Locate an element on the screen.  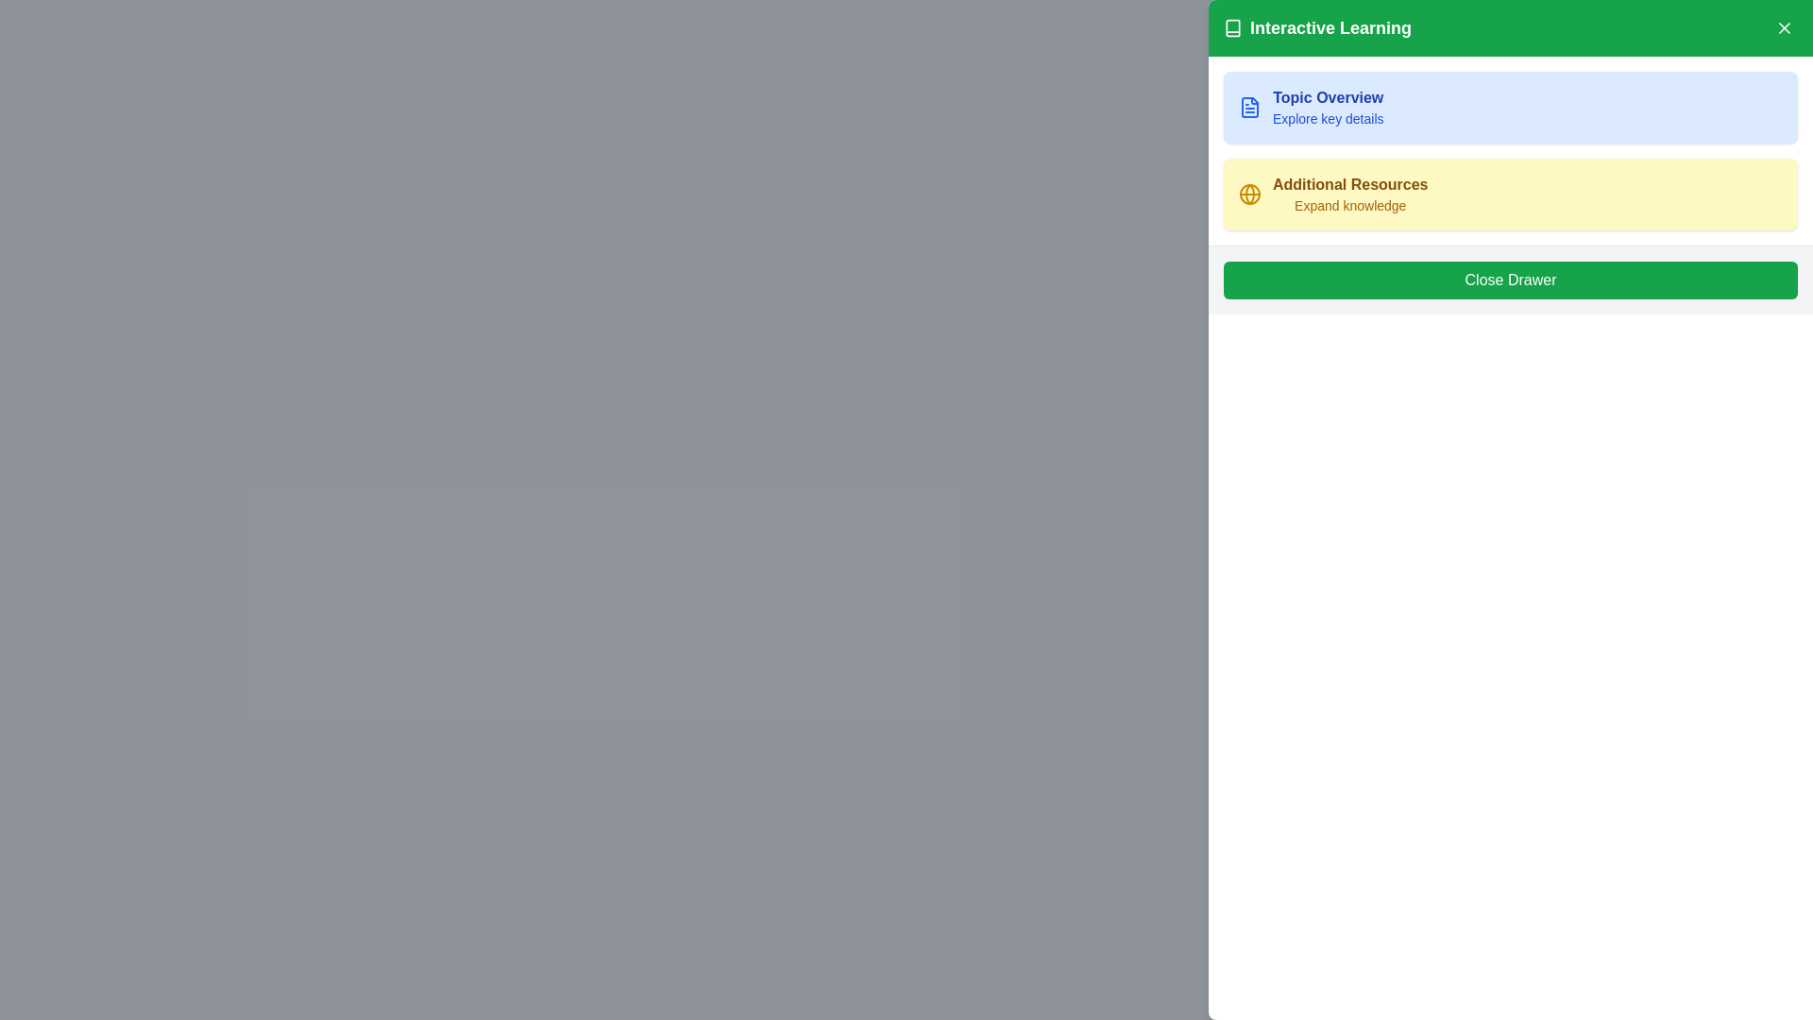
the book icon located in the top-left corner of the green header section, immediately to the left of the text 'Interactive Learning' is located at coordinates (1232, 28).